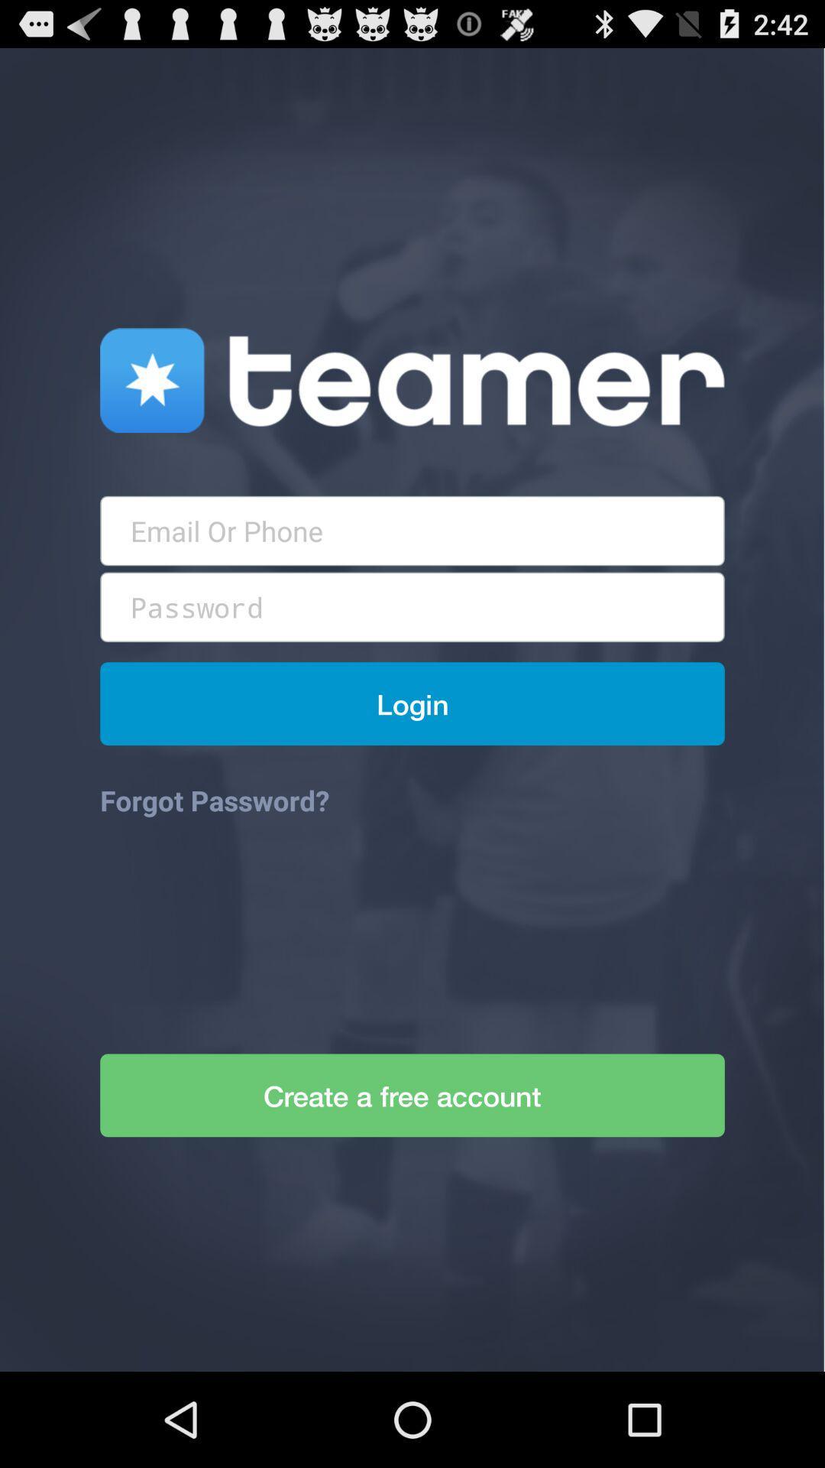 This screenshot has height=1468, width=825. Describe the element at coordinates (412, 606) in the screenshot. I see `password box option` at that location.